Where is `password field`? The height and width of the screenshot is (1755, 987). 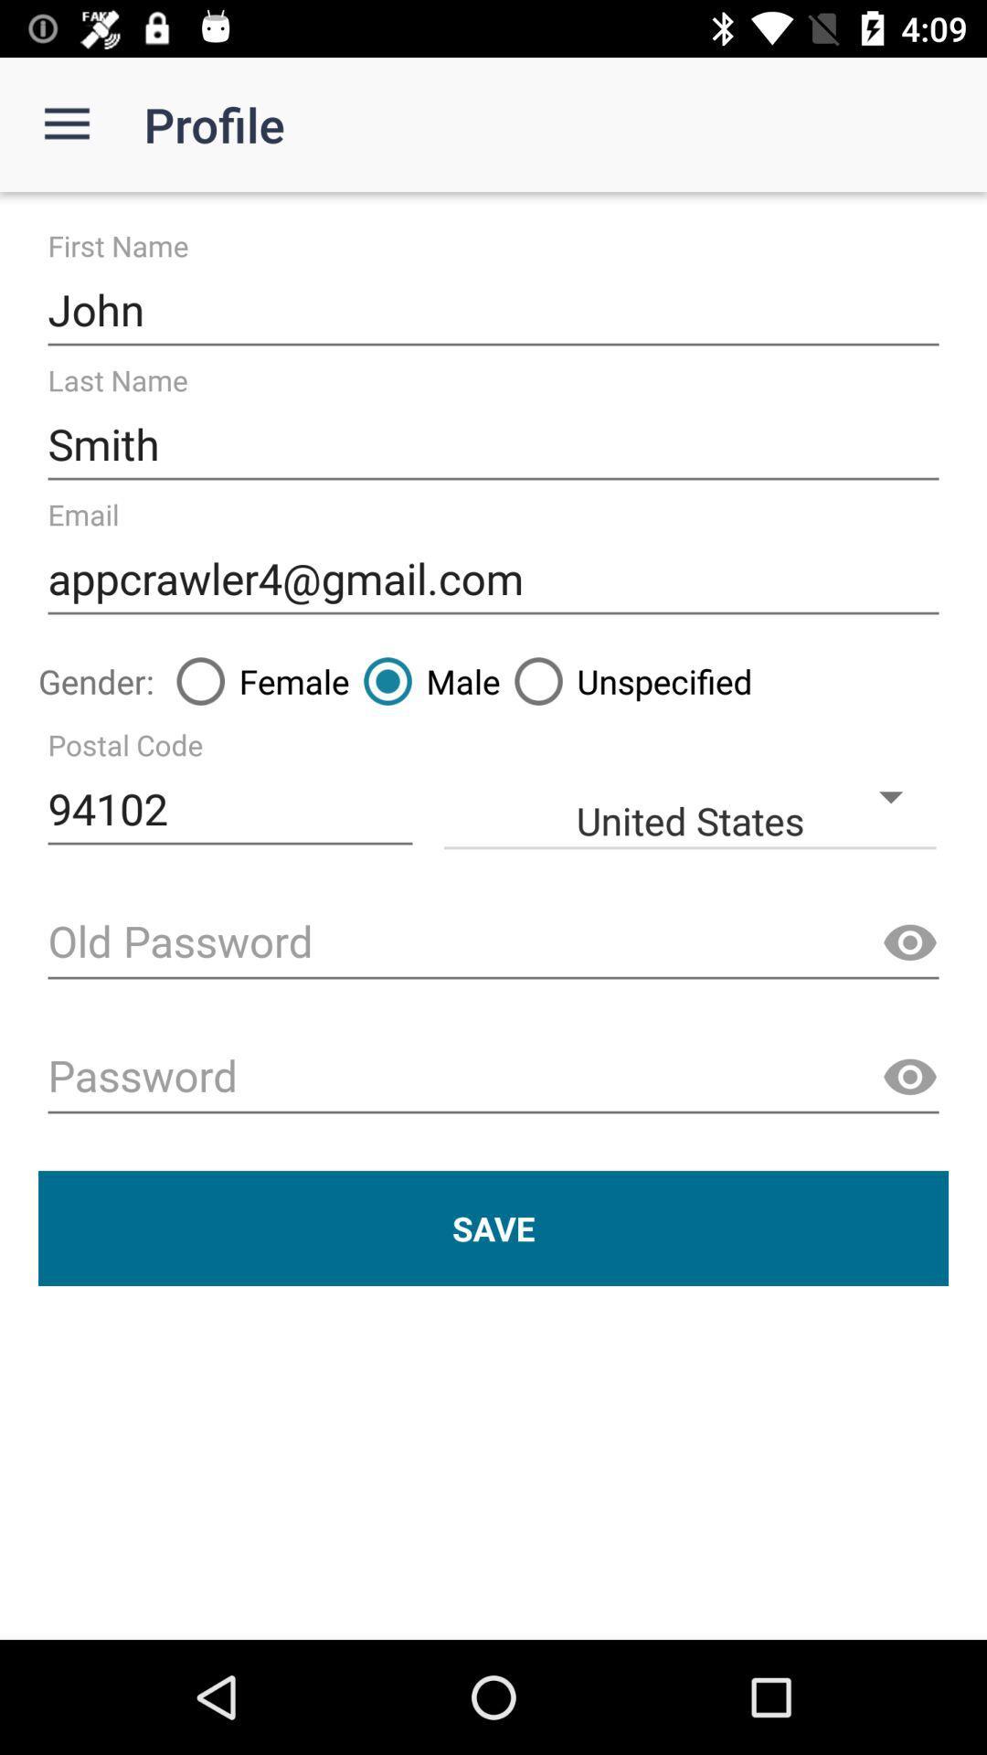 password field is located at coordinates (493, 1078).